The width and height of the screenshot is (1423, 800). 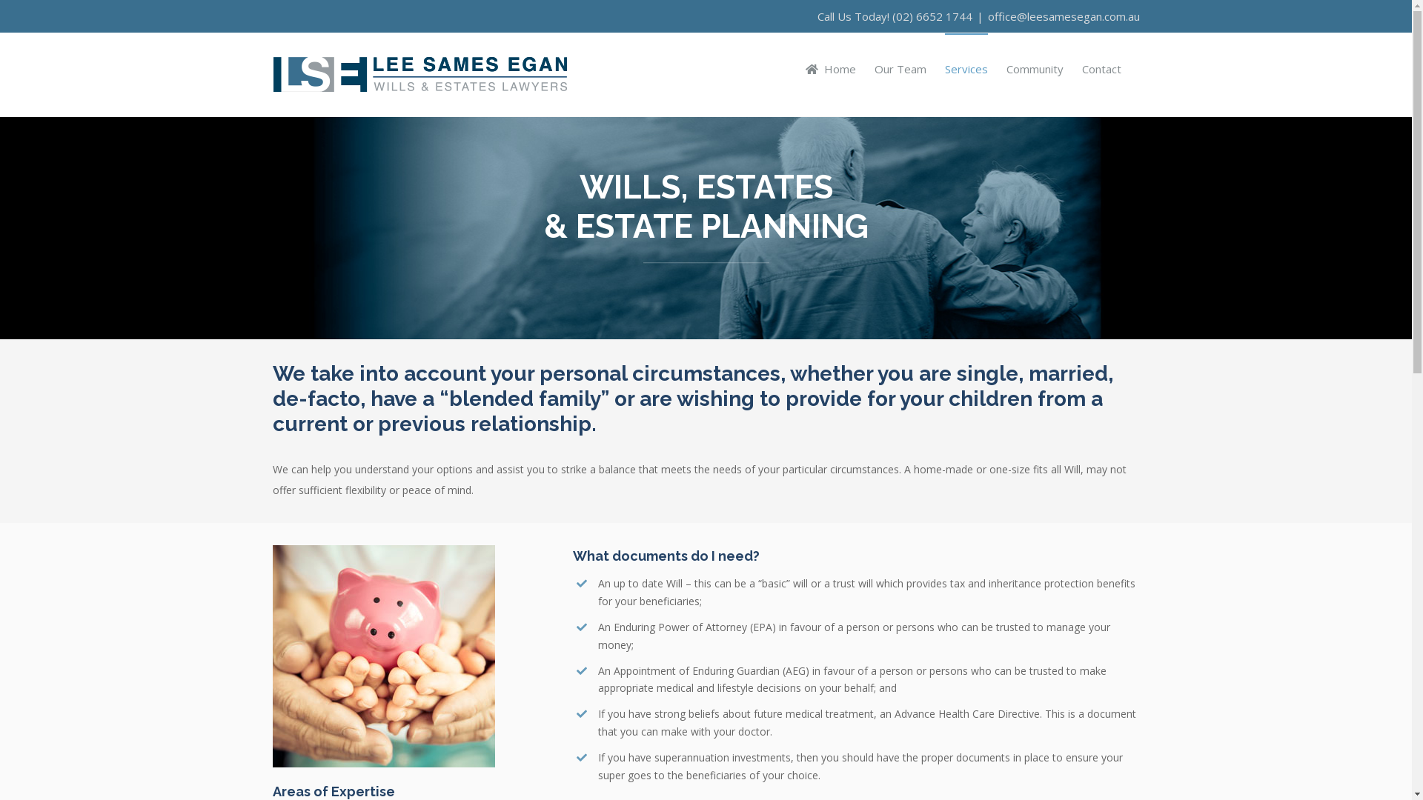 I want to click on 'Home', so click(x=831, y=68).